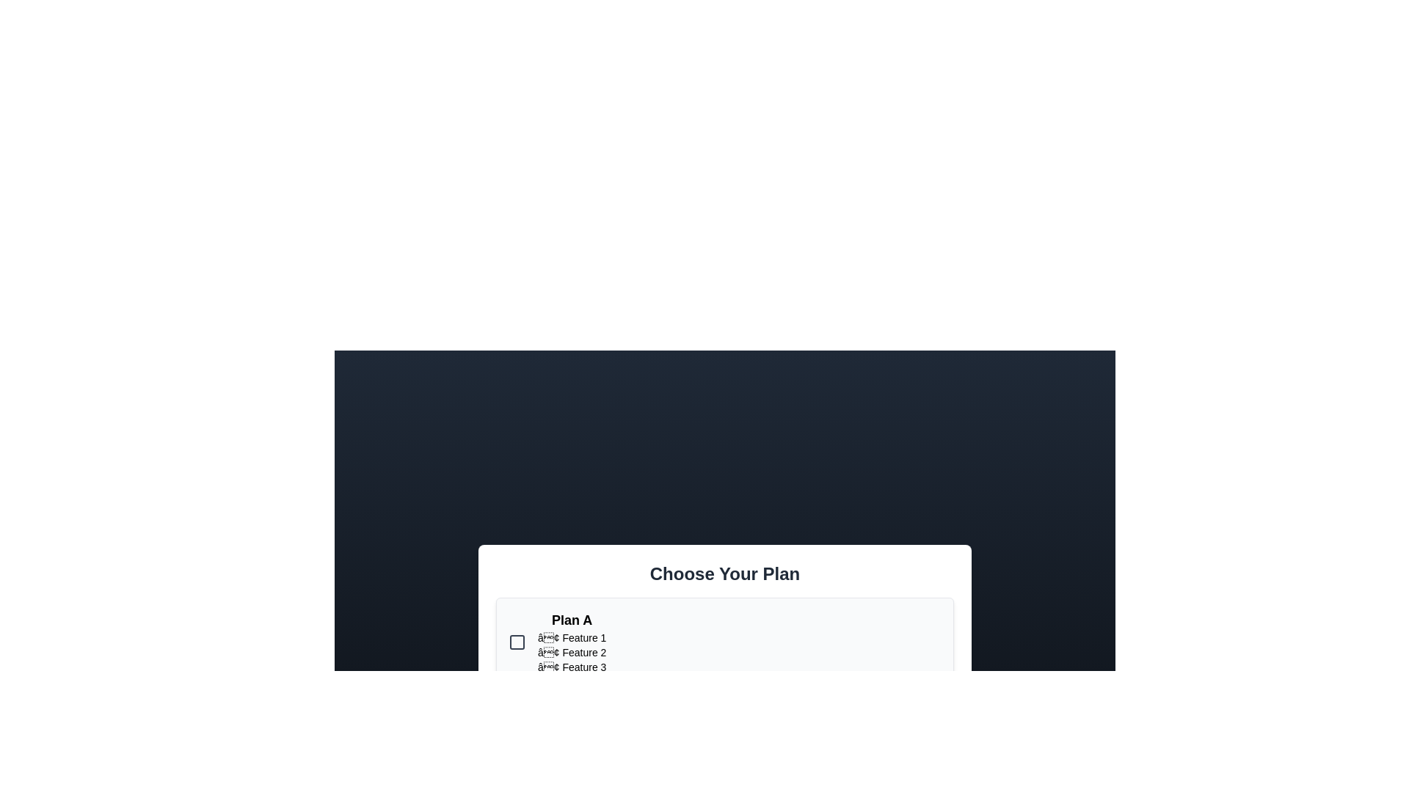 This screenshot has width=1409, height=792. Describe the element at coordinates (725, 641) in the screenshot. I see `the plan card for Plan A` at that location.